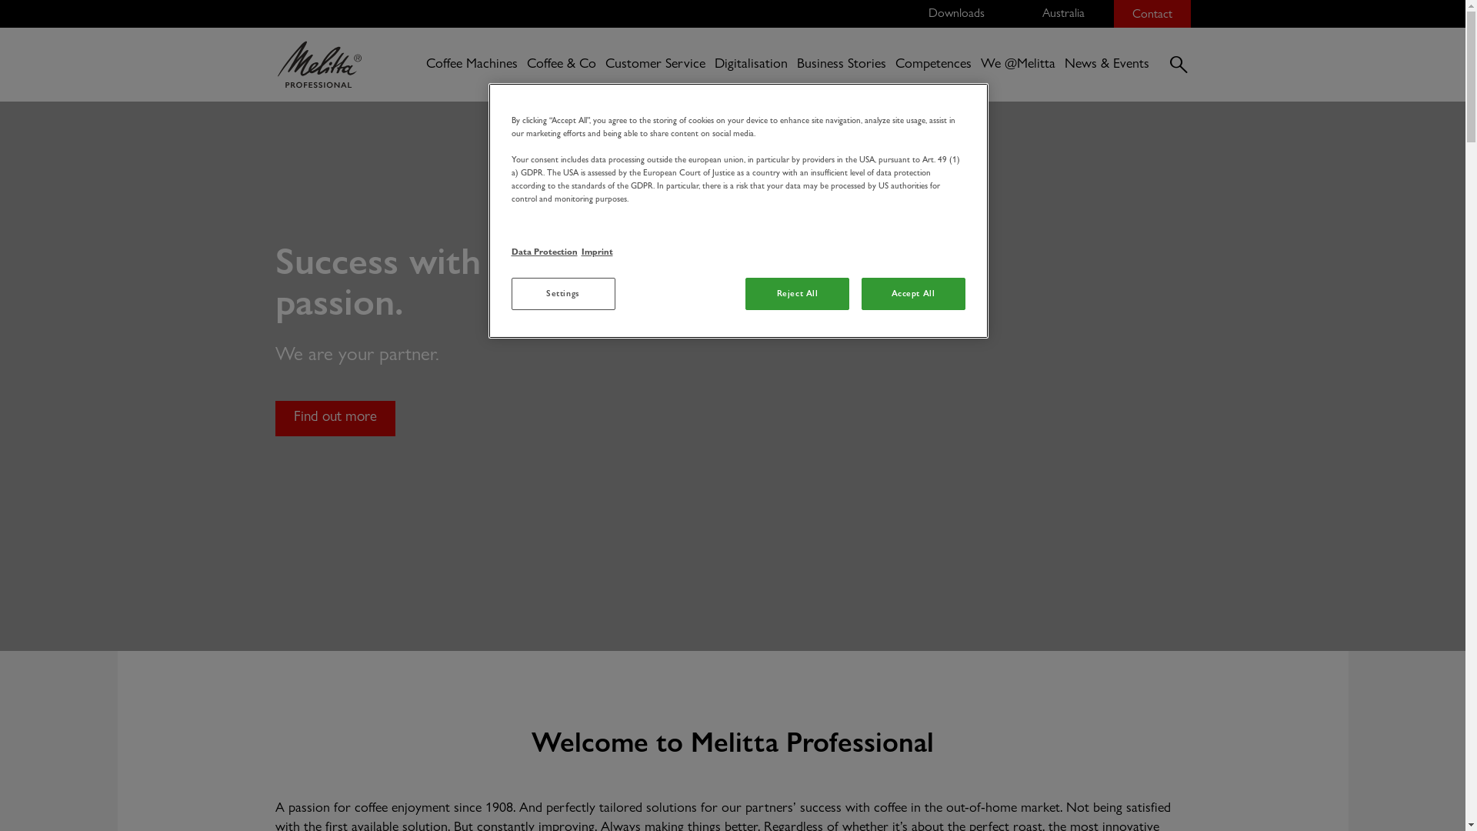  What do you see at coordinates (655, 64) in the screenshot?
I see `'Customer Service'` at bounding box center [655, 64].